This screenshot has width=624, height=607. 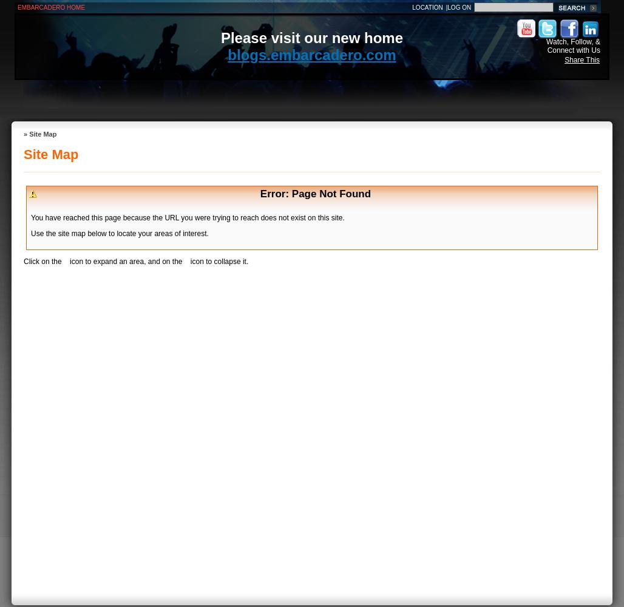 What do you see at coordinates (311, 38) in the screenshot?
I see `'Please visit our new home'` at bounding box center [311, 38].